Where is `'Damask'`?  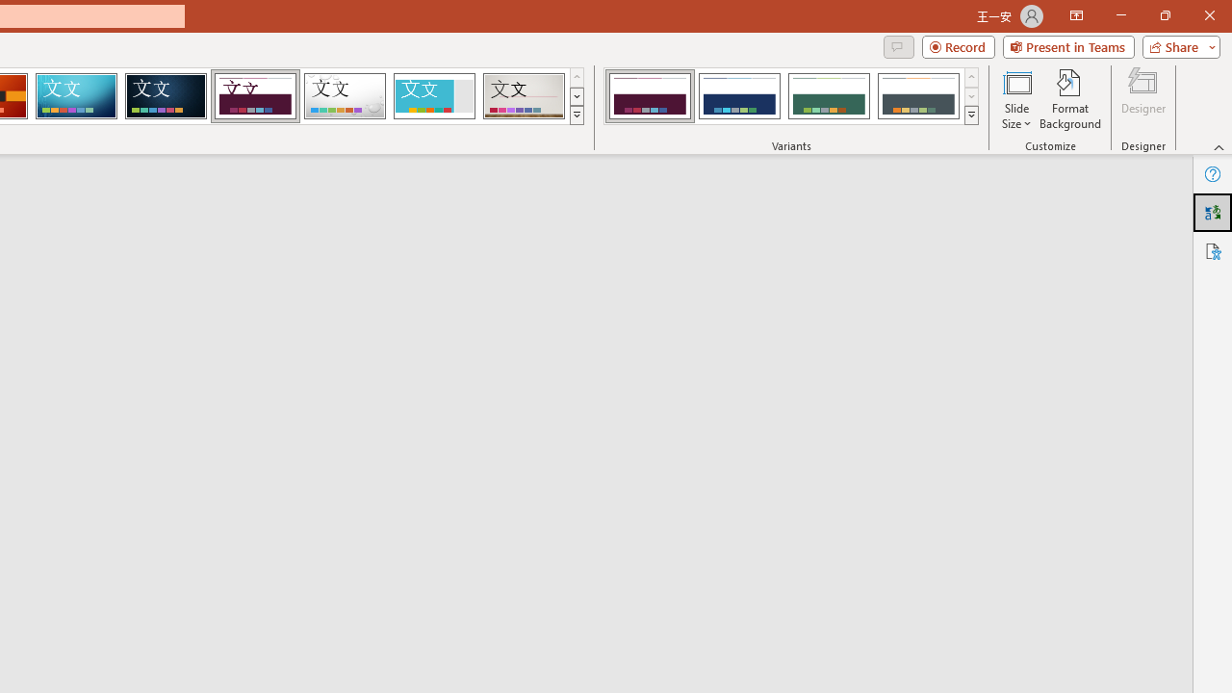
'Damask' is located at coordinates (166, 96).